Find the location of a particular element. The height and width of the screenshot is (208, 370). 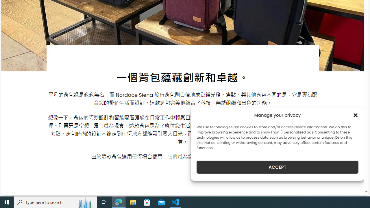

'Microsoft Store' is located at coordinates (147, 202).